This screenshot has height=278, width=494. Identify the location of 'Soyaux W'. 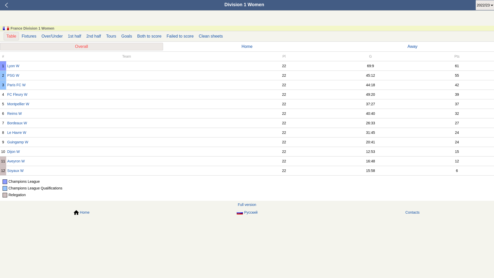
(7, 171).